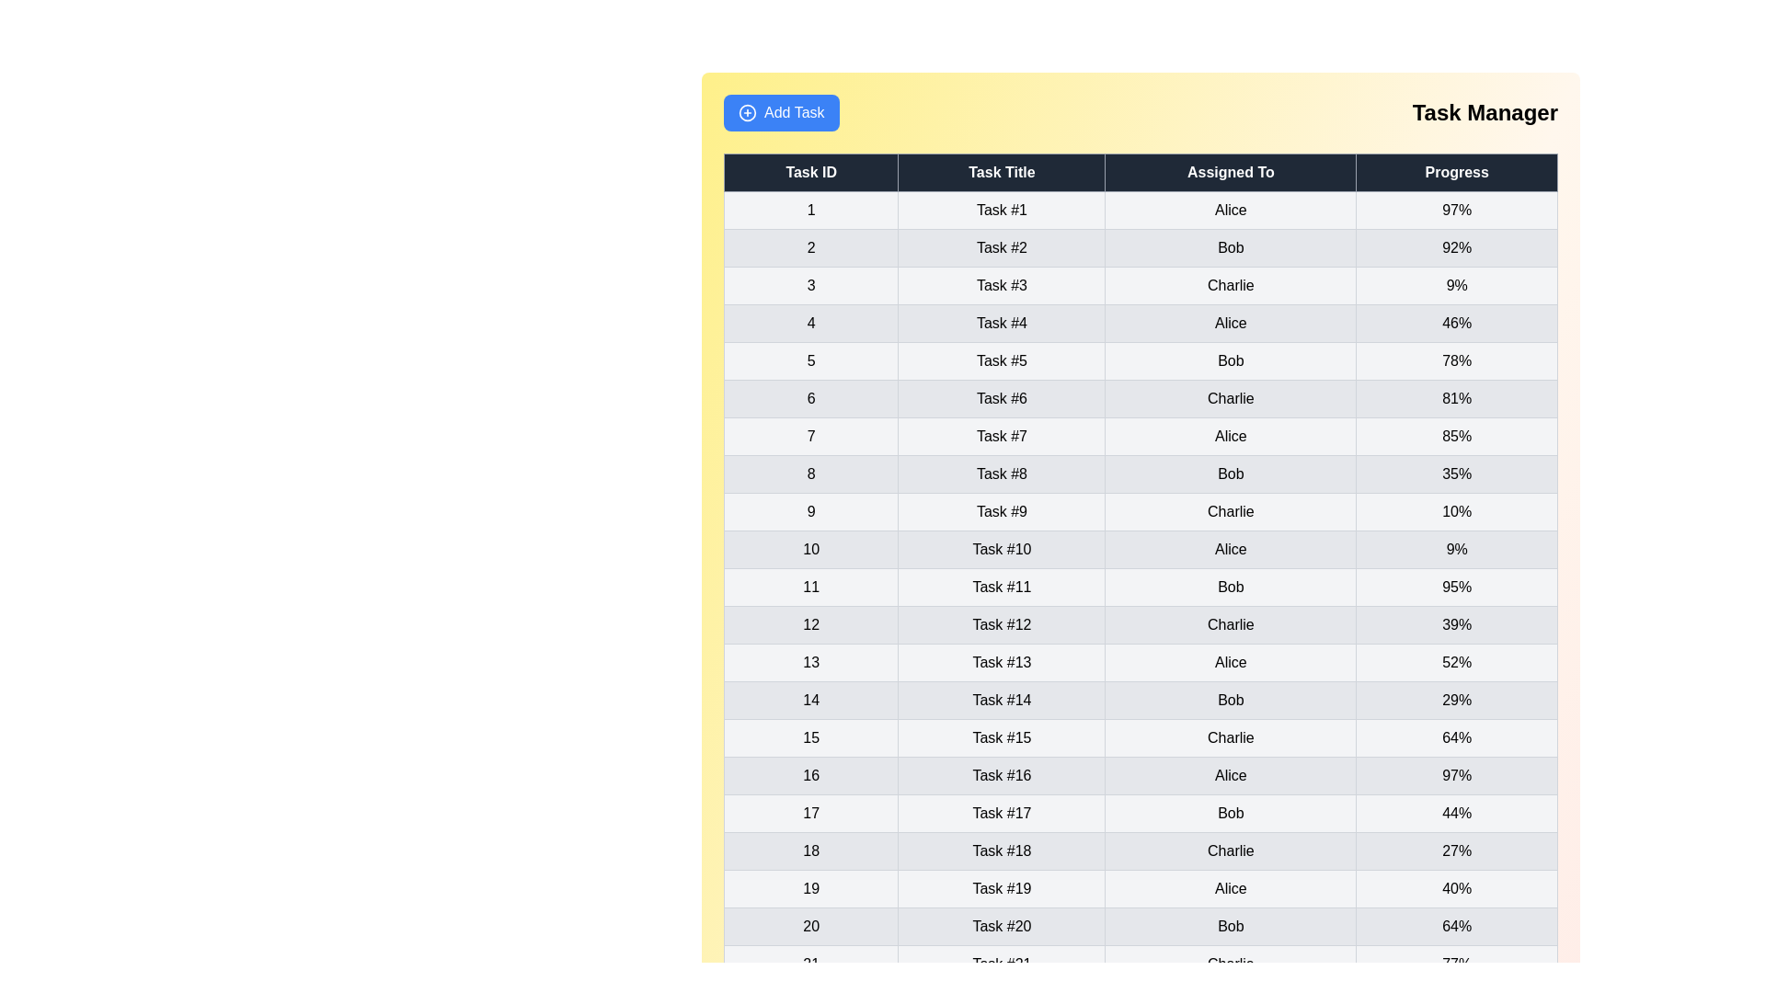  I want to click on the column header to sort the table by Progress, so click(1456, 173).